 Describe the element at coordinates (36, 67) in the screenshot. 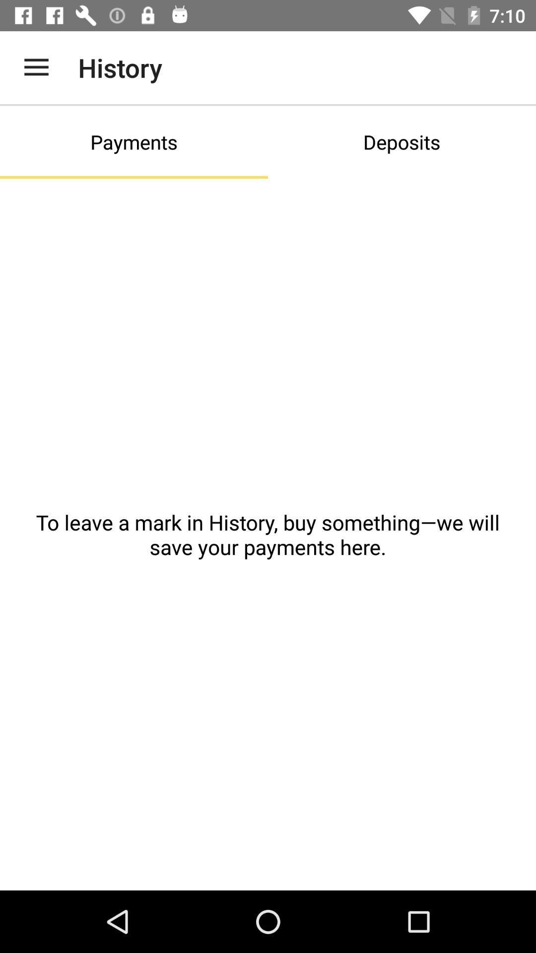

I see `the icon next to the history icon` at that location.